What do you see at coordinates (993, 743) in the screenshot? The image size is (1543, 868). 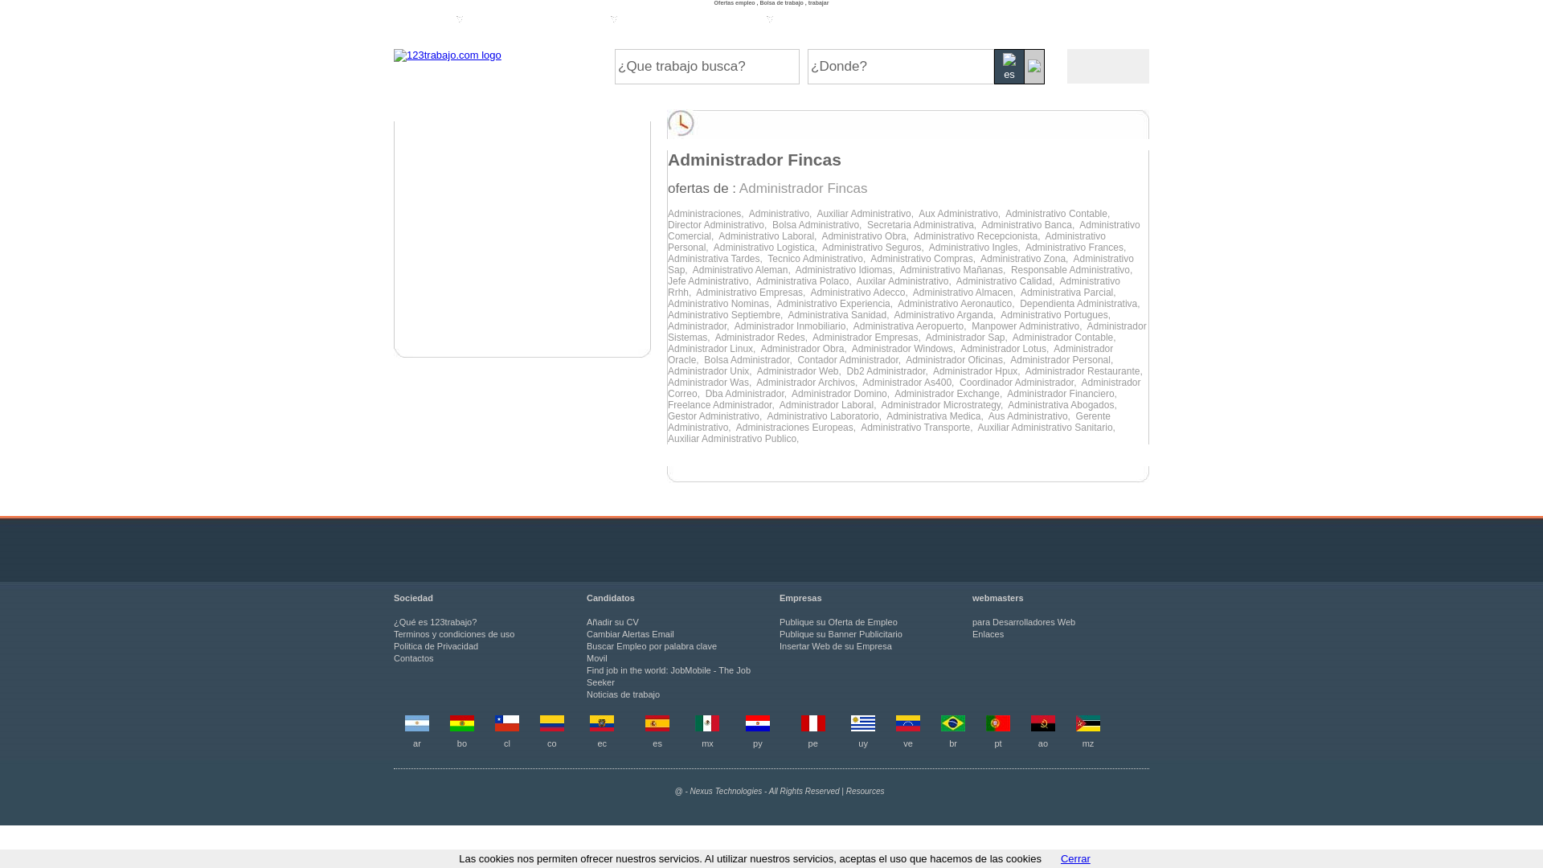 I see `'pt'` at bounding box center [993, 743].